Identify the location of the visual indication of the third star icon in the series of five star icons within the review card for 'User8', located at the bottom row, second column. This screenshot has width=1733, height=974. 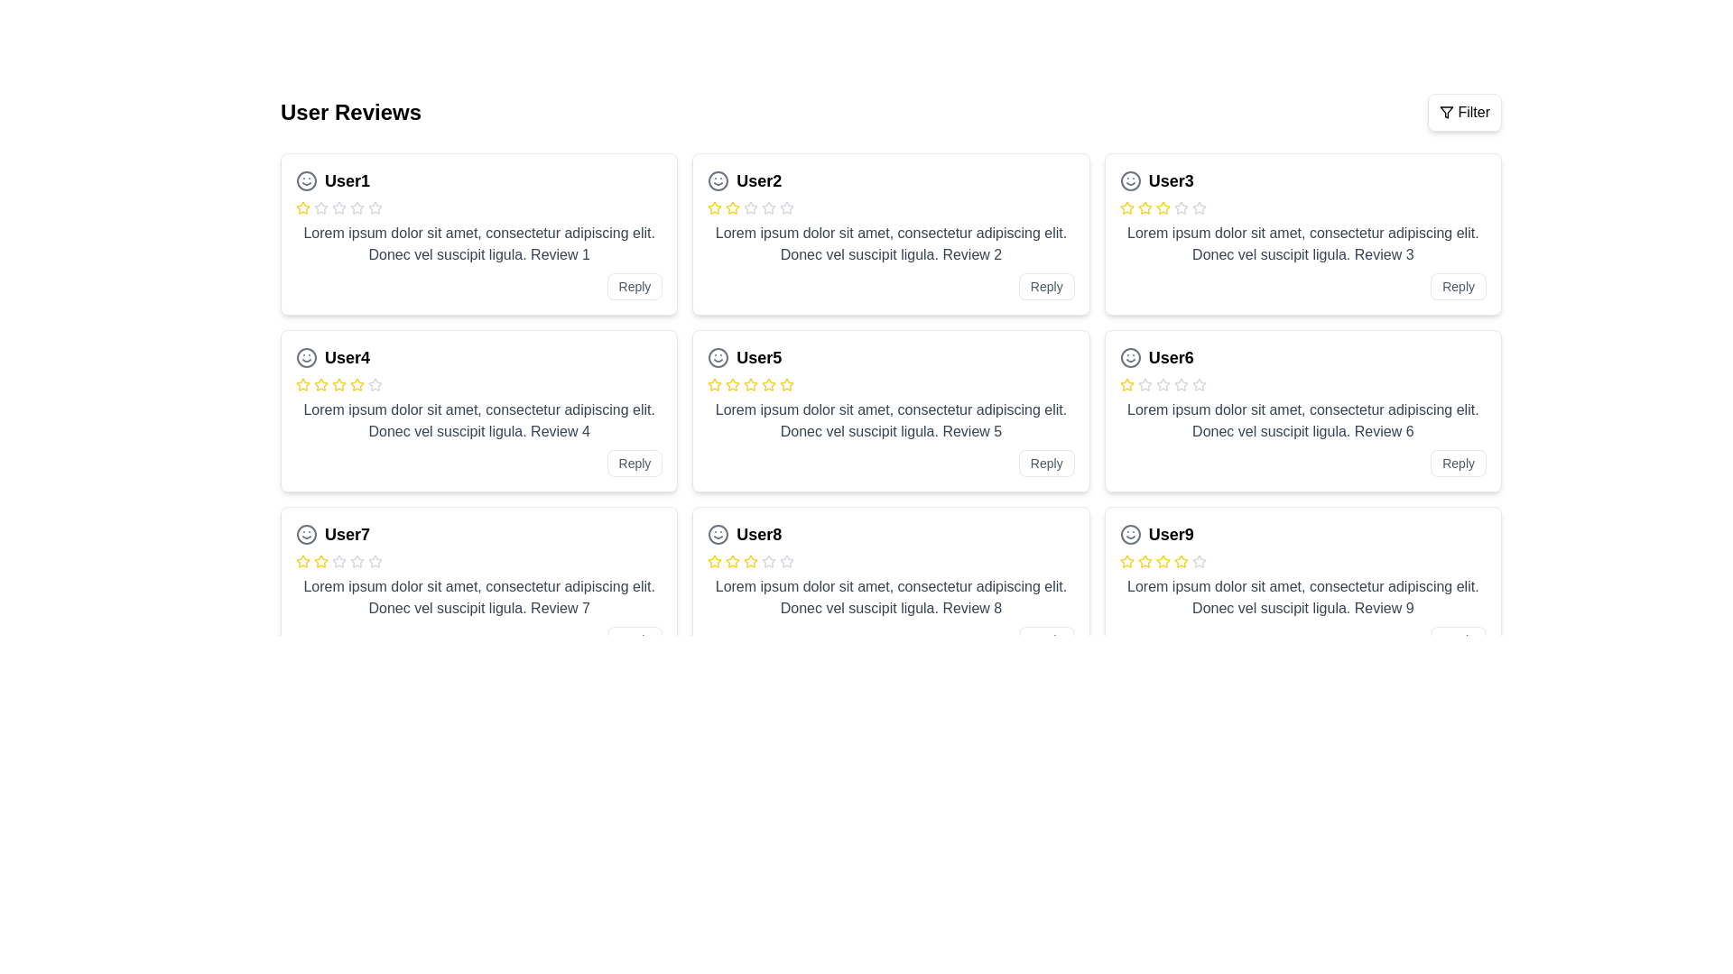
(733, 561).